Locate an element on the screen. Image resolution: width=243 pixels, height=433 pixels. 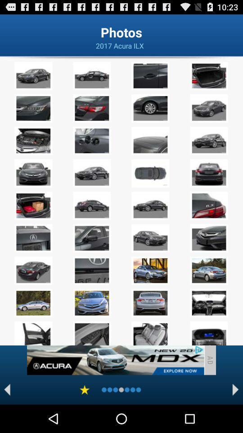
goes to next page is located at coordinates (235, 389).